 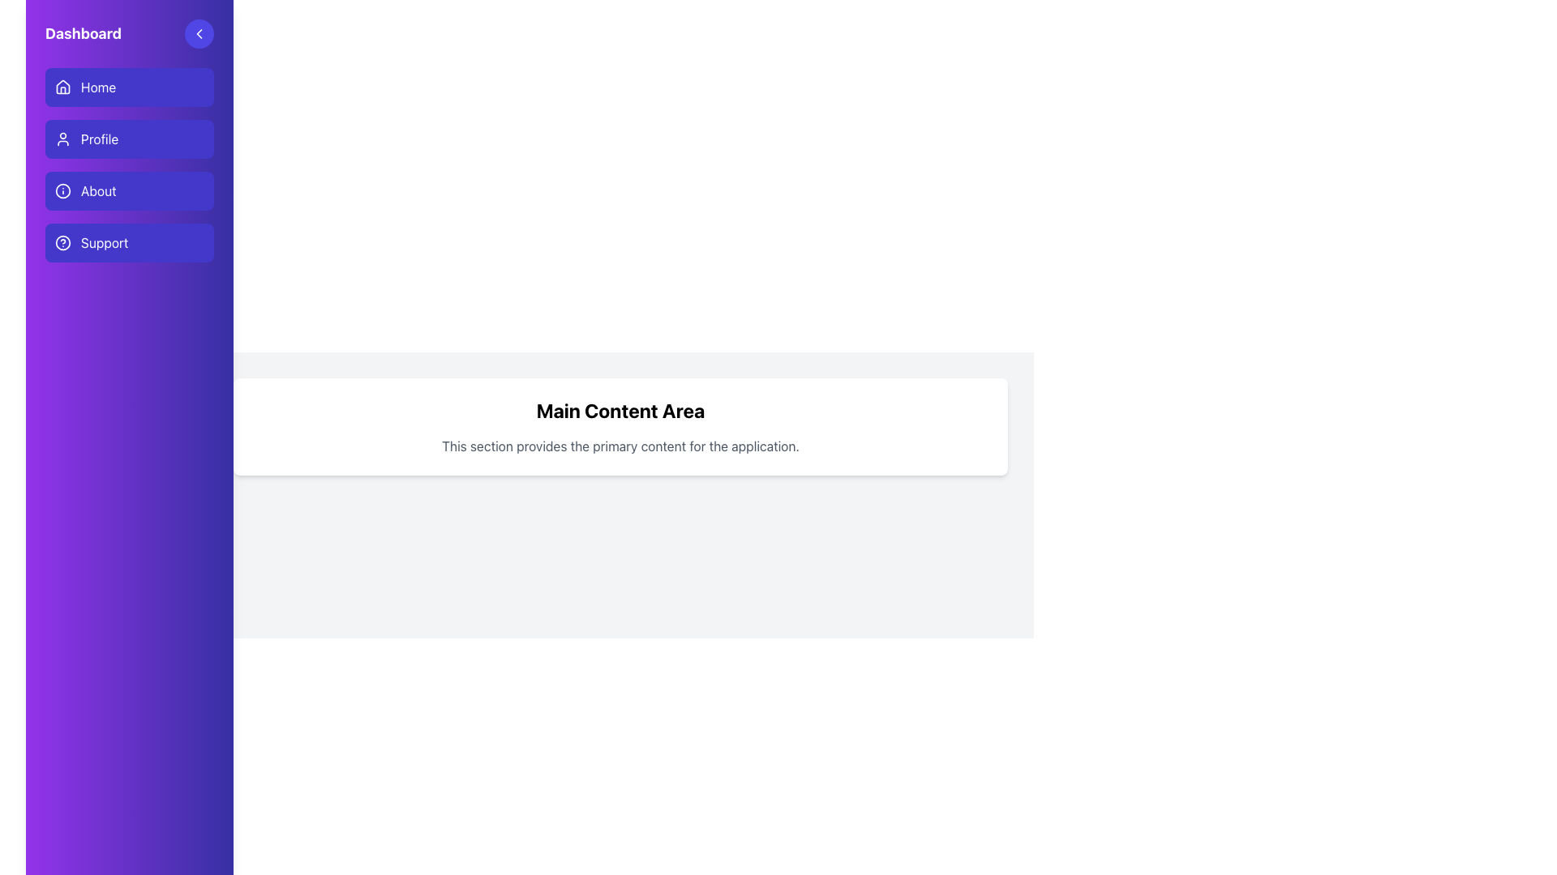 I want to click on the static text element that provides information about the main content area, which is positioned below the heading labeled 'Main Content Area', so click(x=620, y=446).